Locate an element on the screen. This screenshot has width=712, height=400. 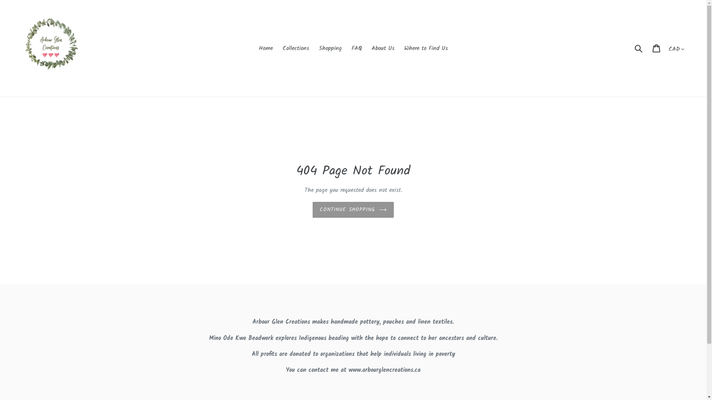
'FAQ' is located at coordinates (347, 49).